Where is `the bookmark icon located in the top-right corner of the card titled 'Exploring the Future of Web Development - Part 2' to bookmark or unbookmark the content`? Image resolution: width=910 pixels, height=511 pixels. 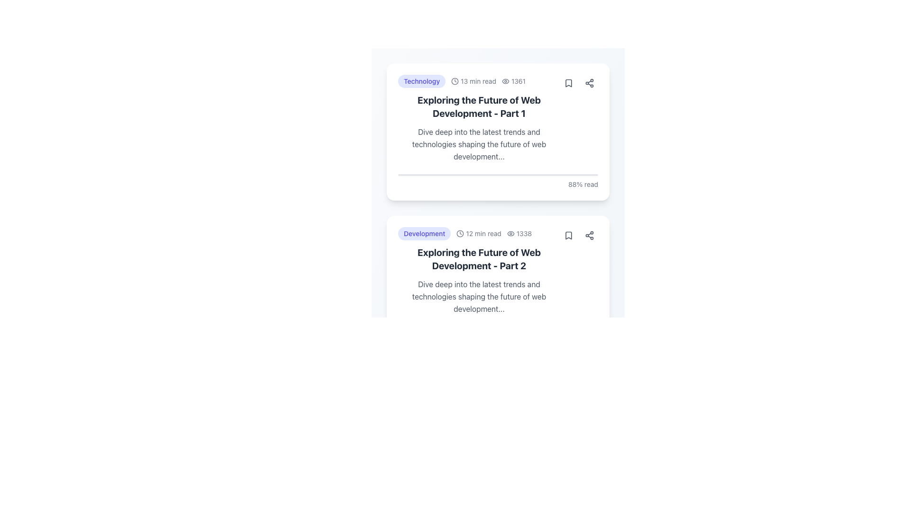 the bookmark icon located in the top-right corner of the card titled 'Exploring the Future of Web Development - Part 2' to bookmark or unbookmark the content is located at coordinates (569, 235).